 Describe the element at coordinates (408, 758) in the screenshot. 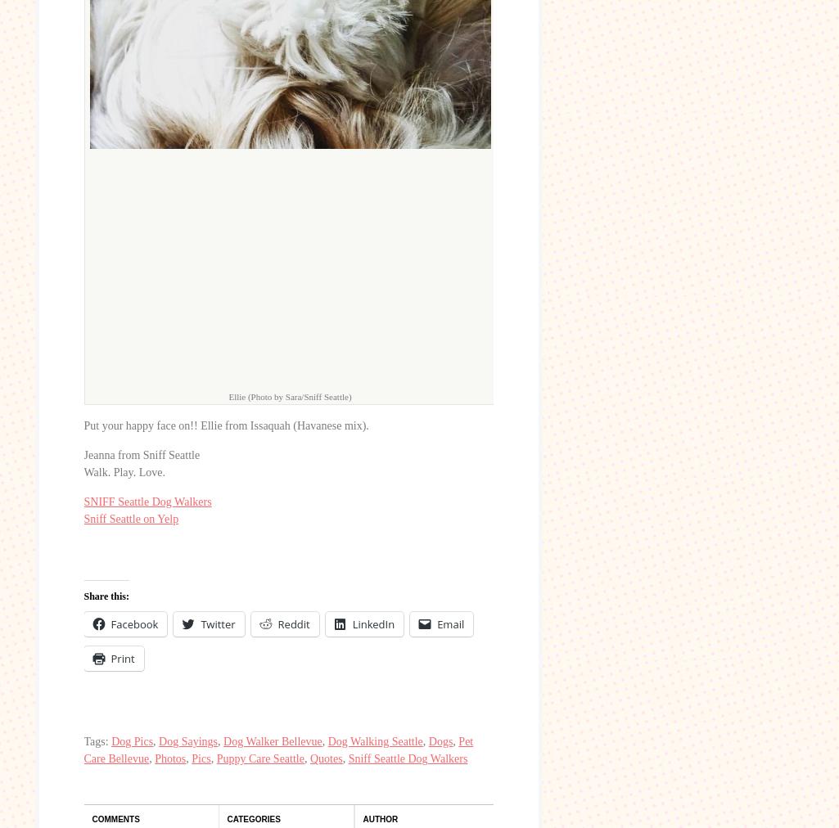

I see `'Sniff Seattle Dog Walkers'` at that location.